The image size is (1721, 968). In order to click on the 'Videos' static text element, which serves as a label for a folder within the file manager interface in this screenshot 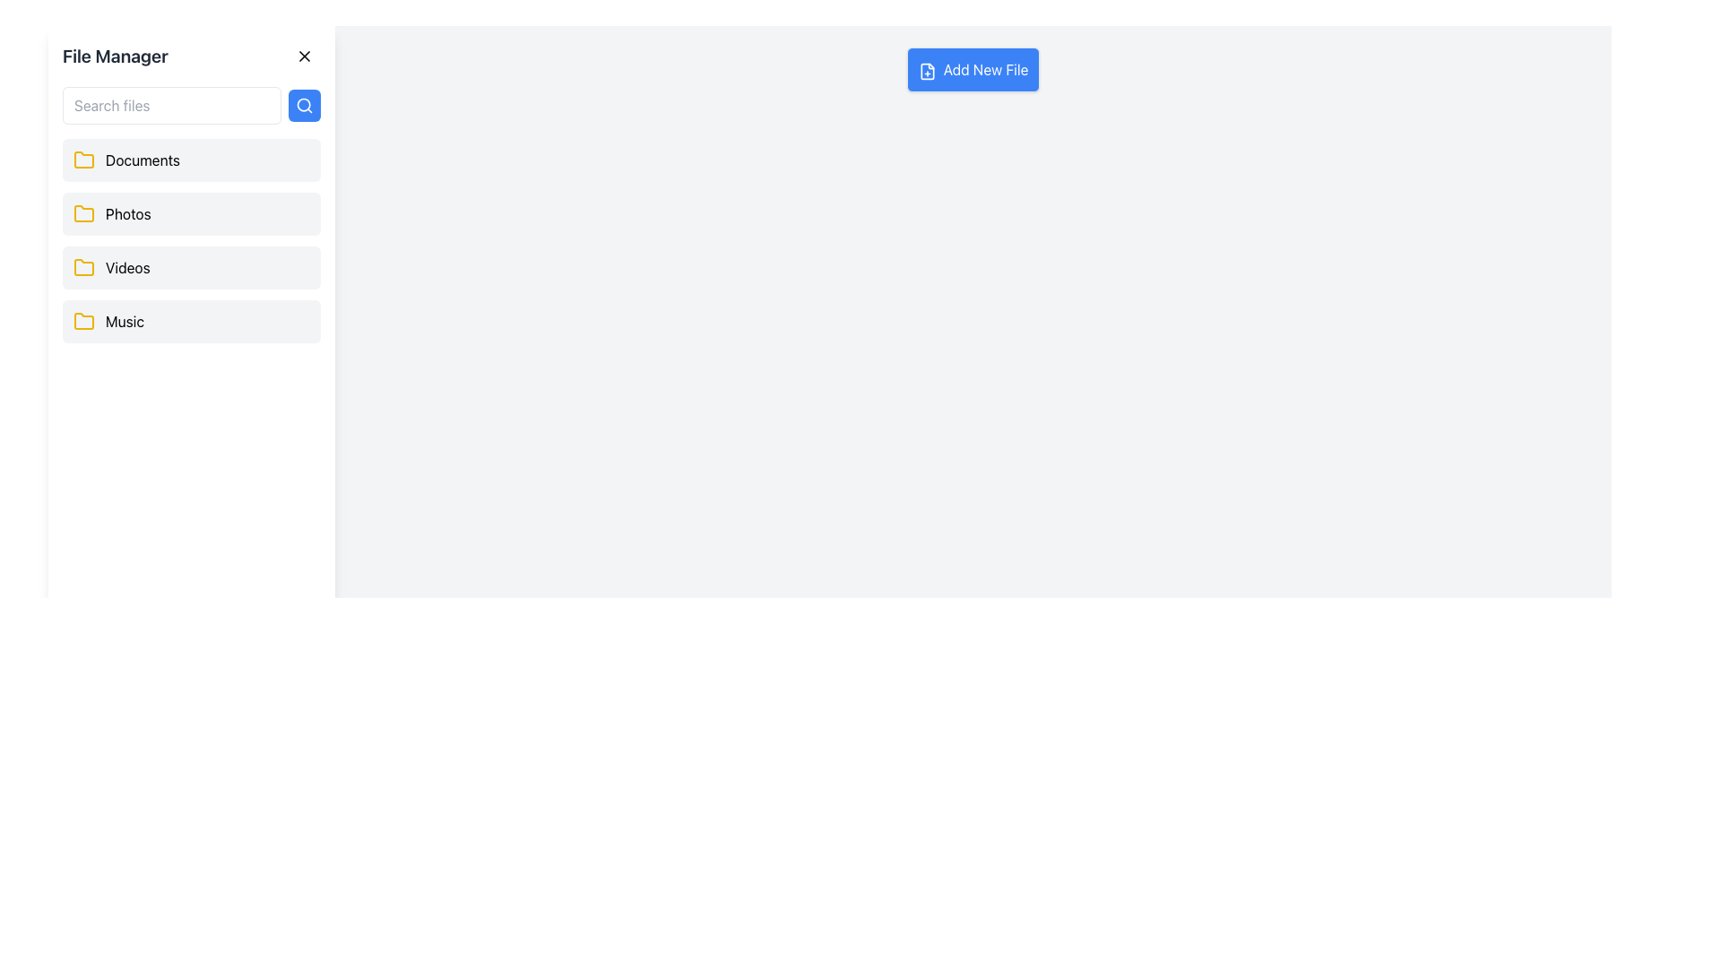, I will do `click(126, 268)`.